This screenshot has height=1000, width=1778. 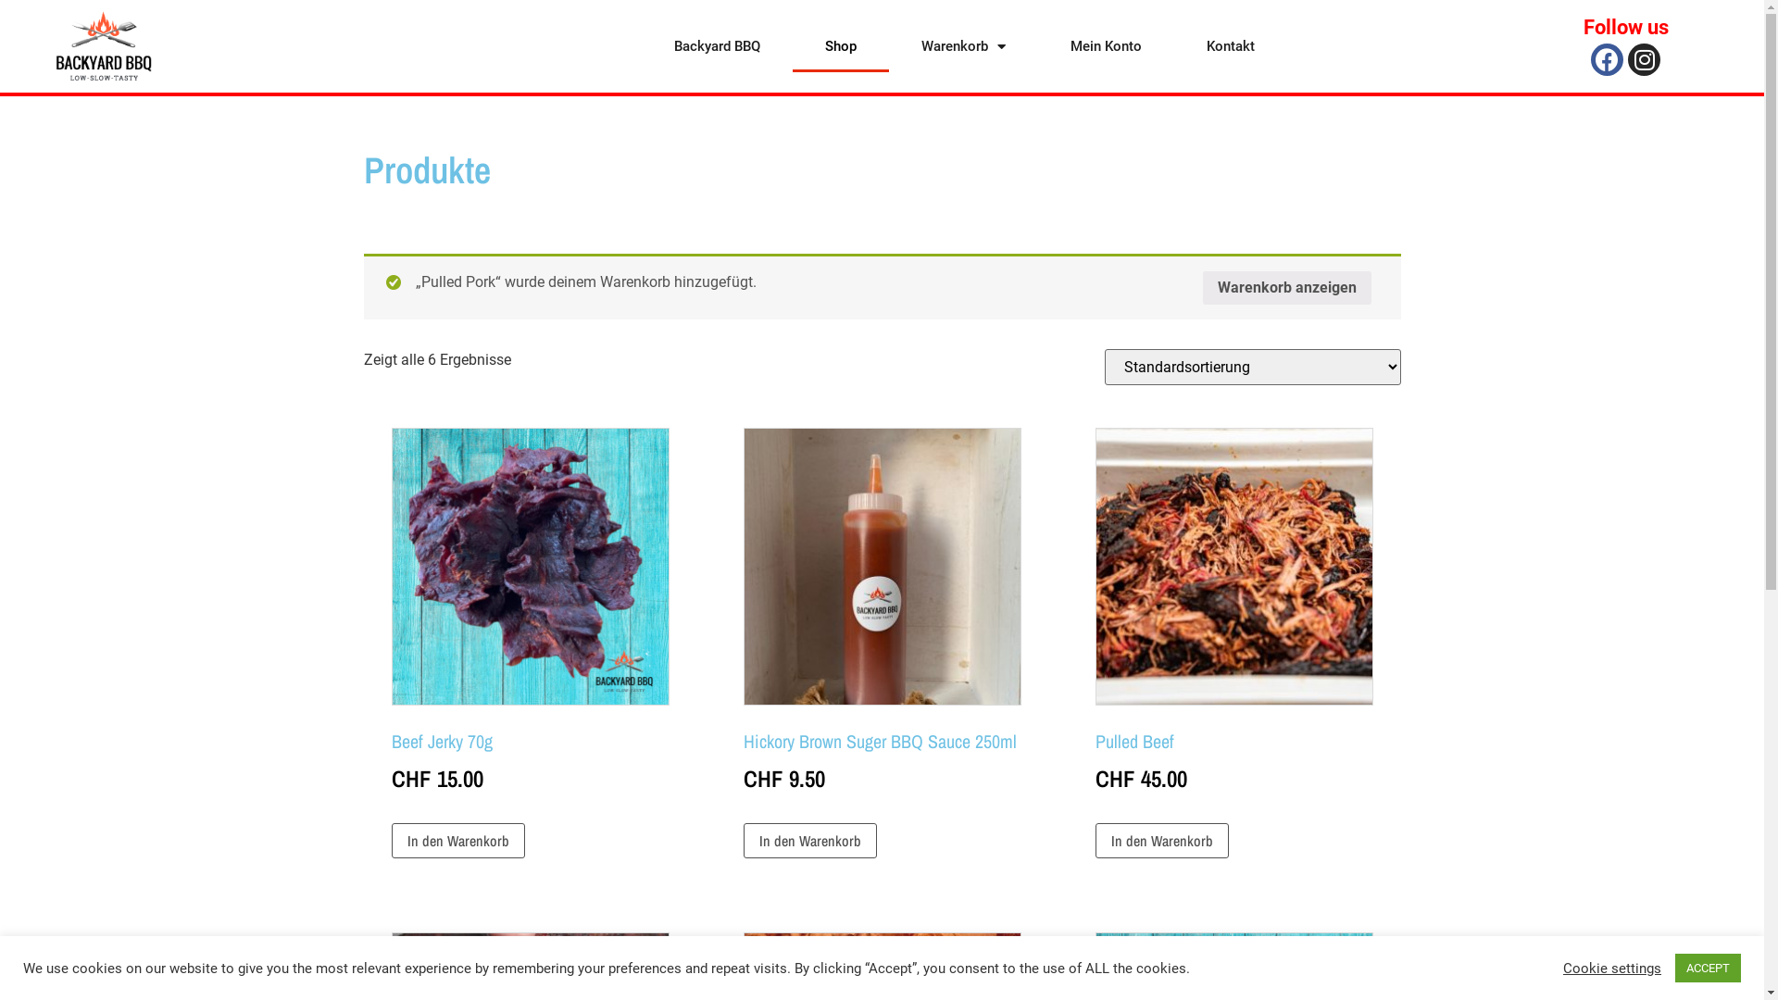 I want to click on 'Kontakt', so click(x=1231, y=45).